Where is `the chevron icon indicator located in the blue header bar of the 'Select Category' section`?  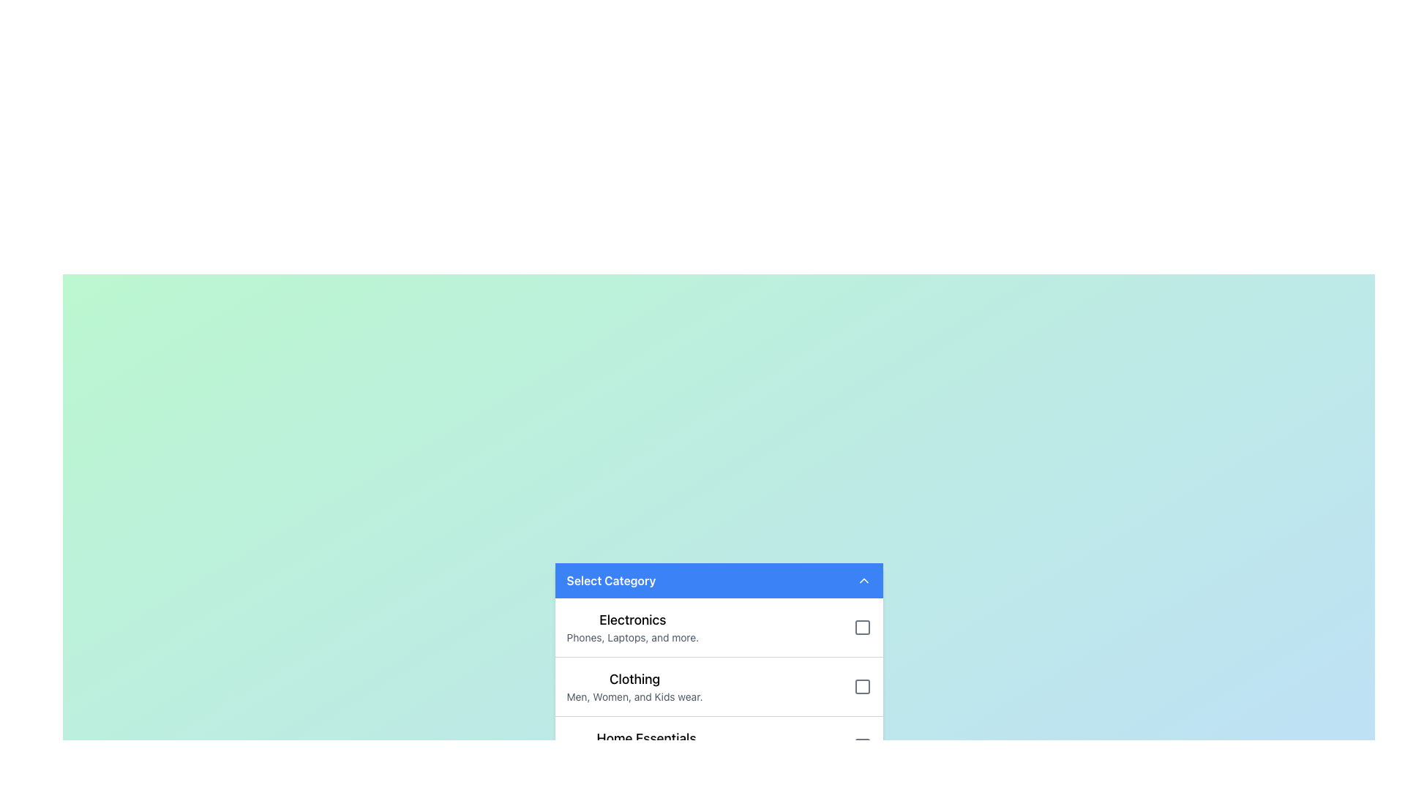 the chevron icon indicator located in the blue header bar of the 'Select Category' section is located at coordinates (863, 580).